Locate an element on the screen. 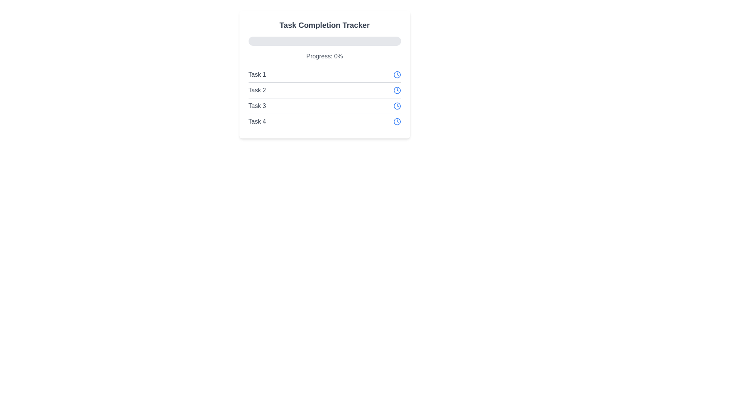 Image resolution: width=732 pixels, height=412 pixels. the second list item in the 'Task Completion Tracker' is located at coordinates (324, 90).